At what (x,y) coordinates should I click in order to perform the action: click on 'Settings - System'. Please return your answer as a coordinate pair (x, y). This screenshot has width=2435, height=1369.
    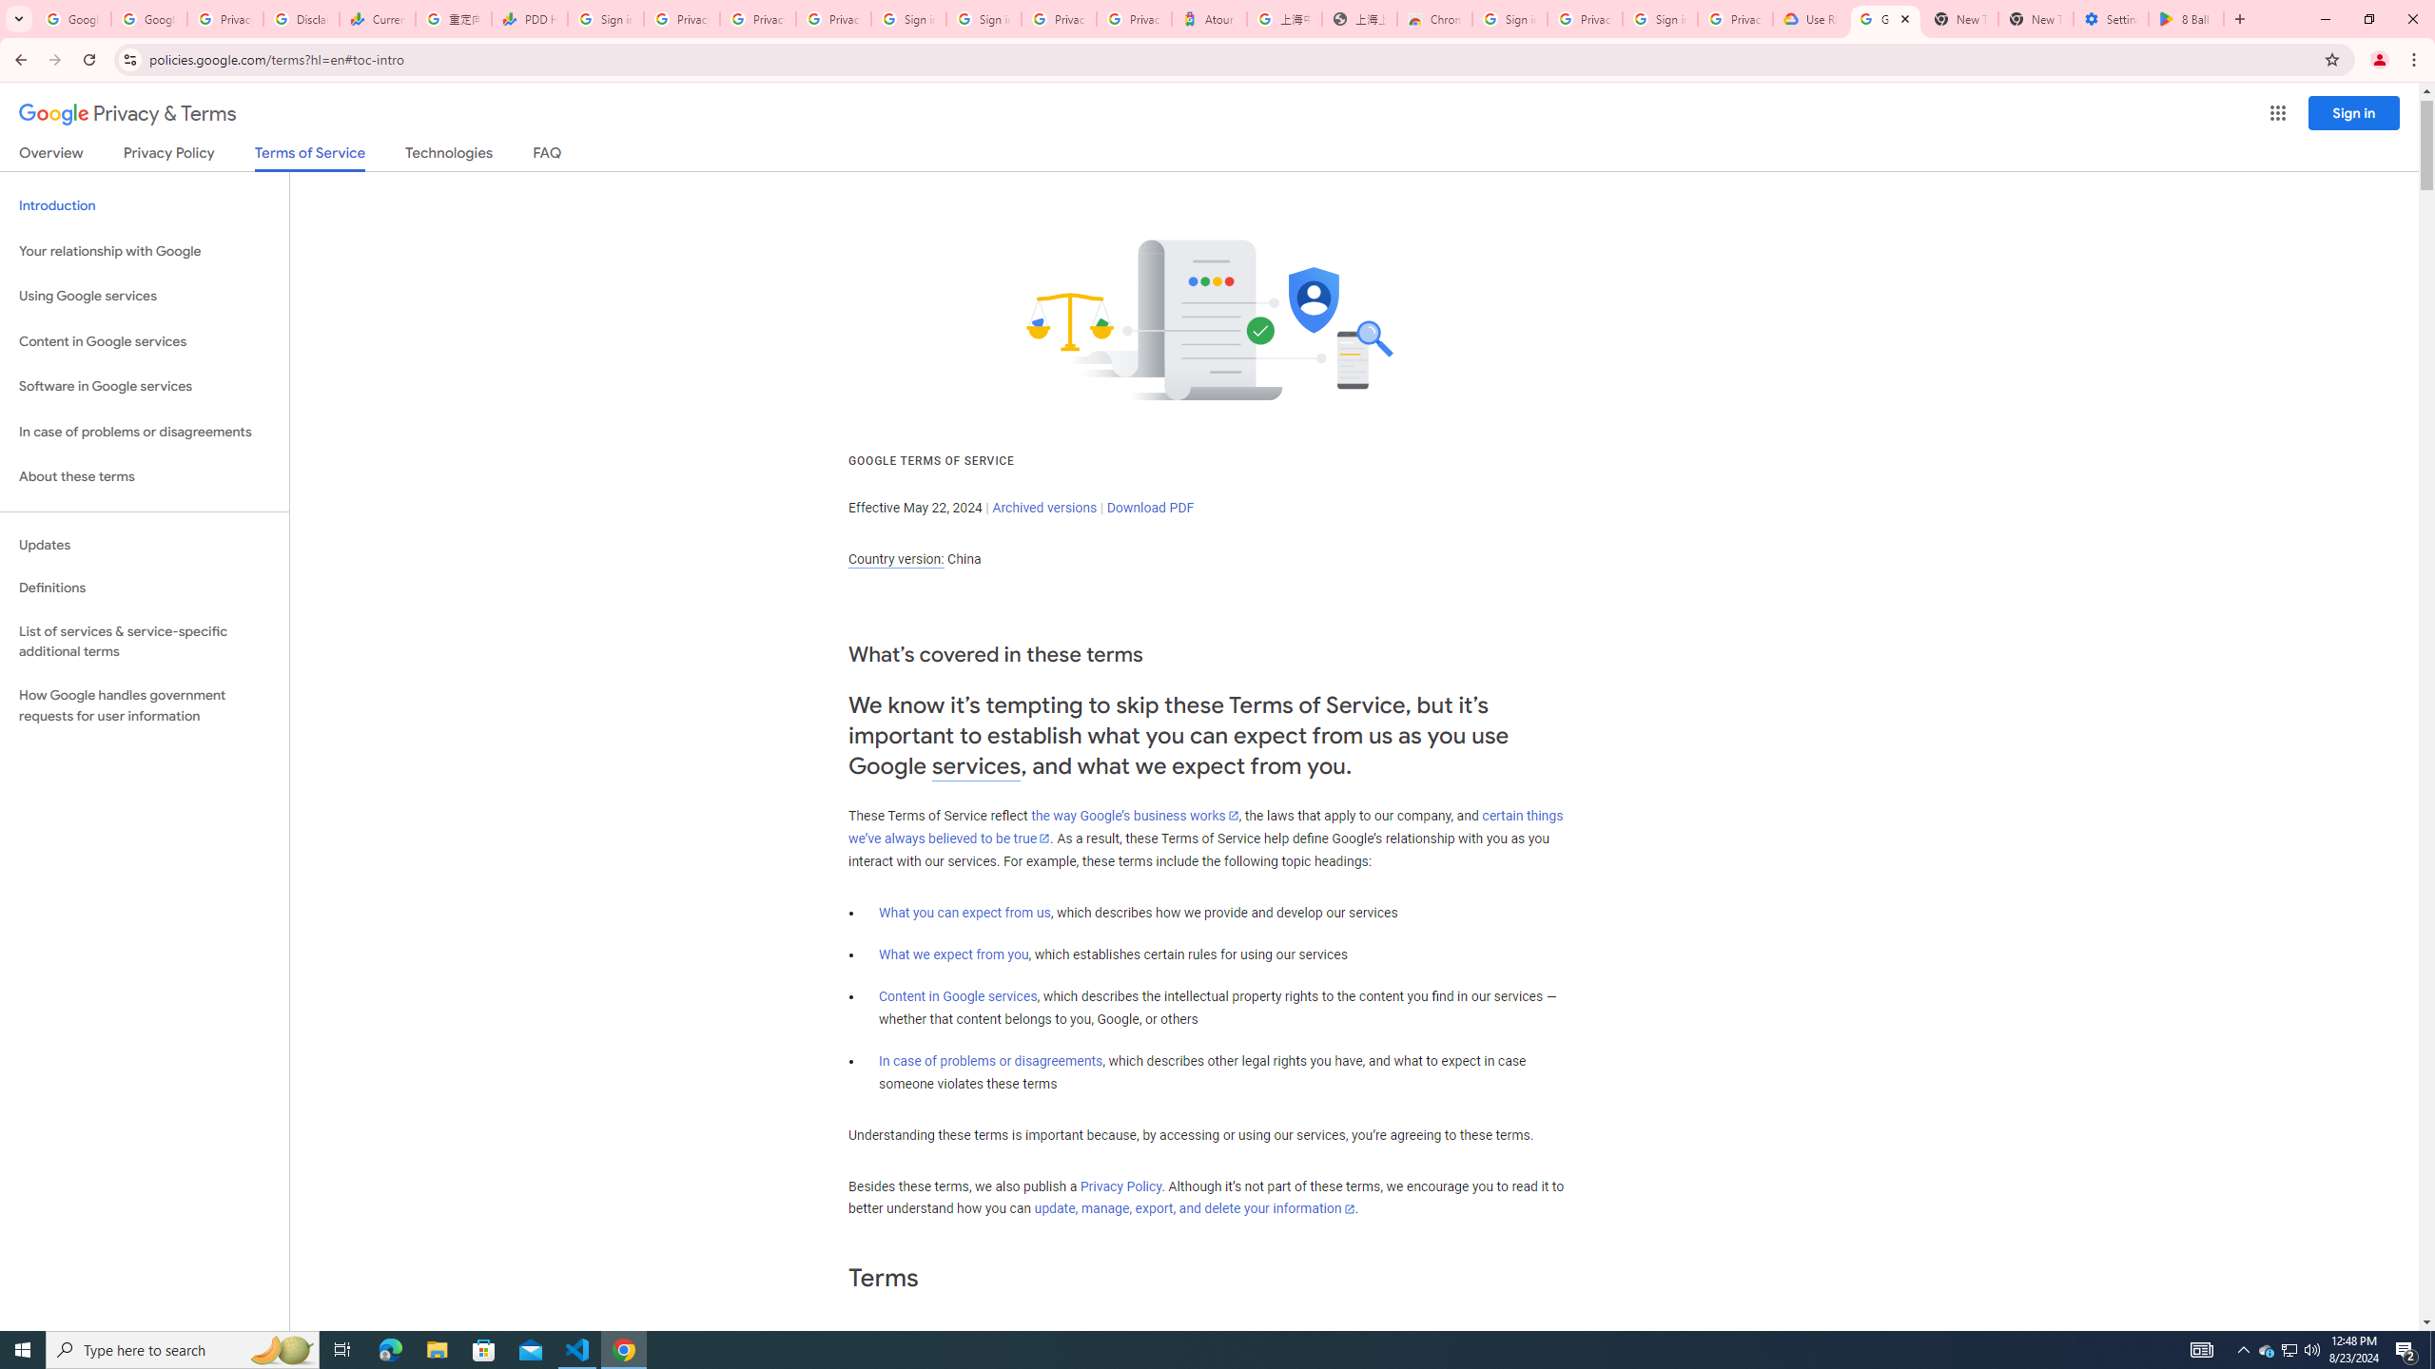
    Looking at the image, I should click on (2110, 18).